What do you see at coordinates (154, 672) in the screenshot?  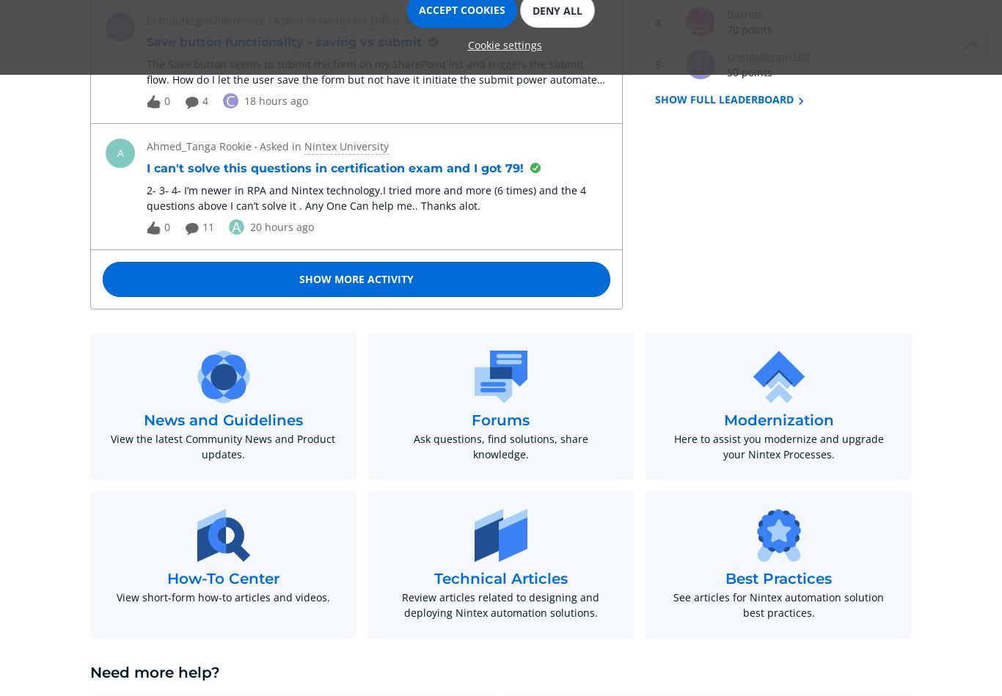 I see `'Need more help?'` at bounding box center [154, 672].